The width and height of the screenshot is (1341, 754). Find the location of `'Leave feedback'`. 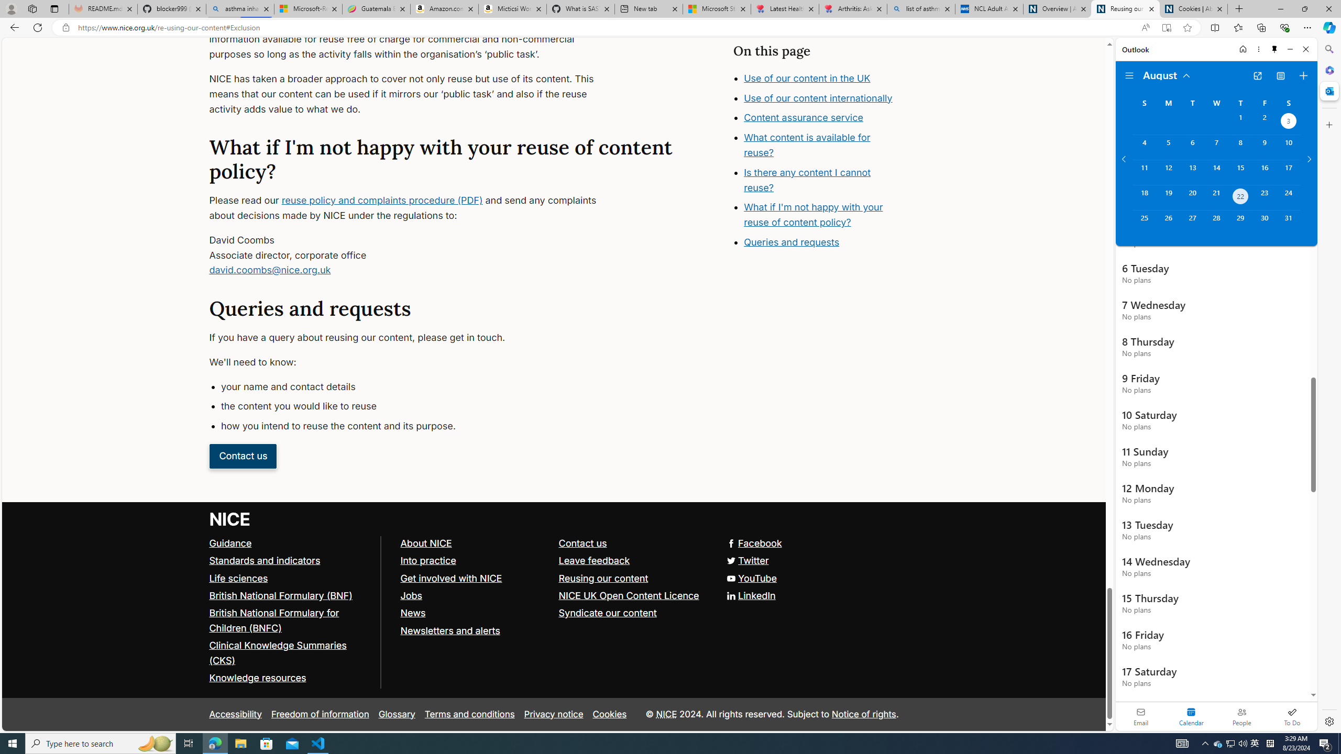

'Leave feedback' is located at coordinates (632, 561).